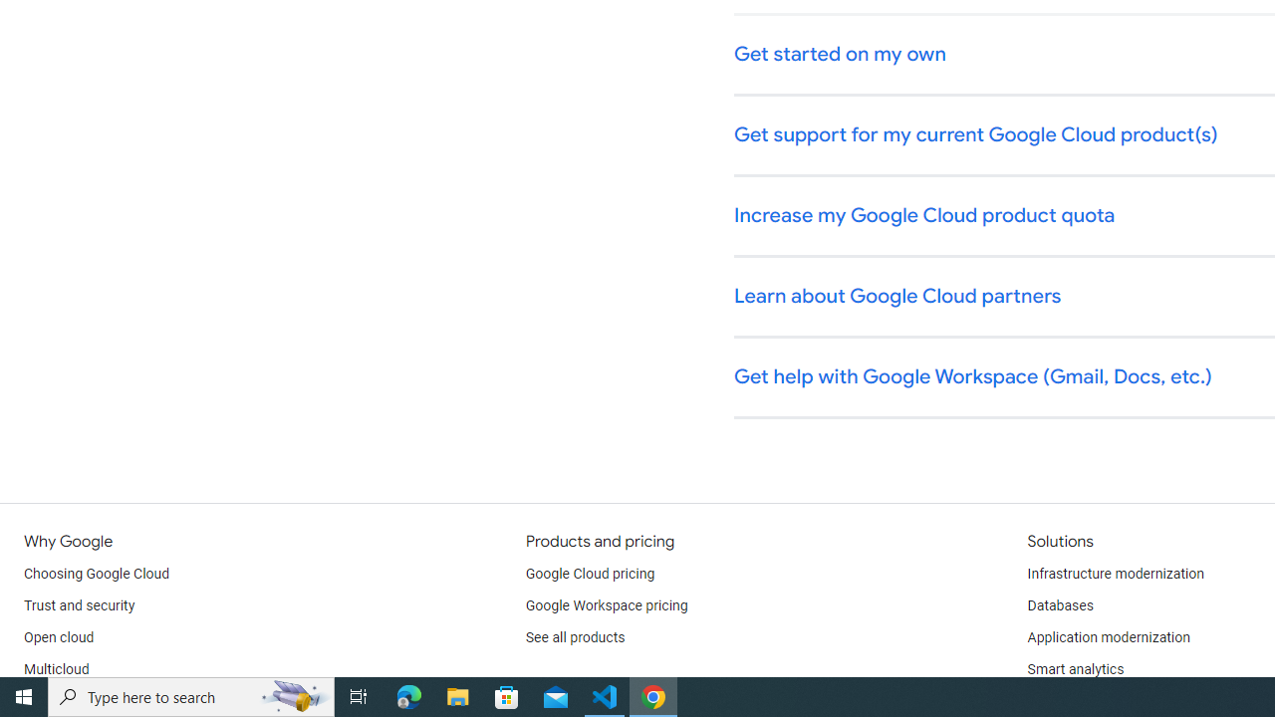 The image size is (1275, 717). I want to click on 'Application modernization', so click(1107, 637).